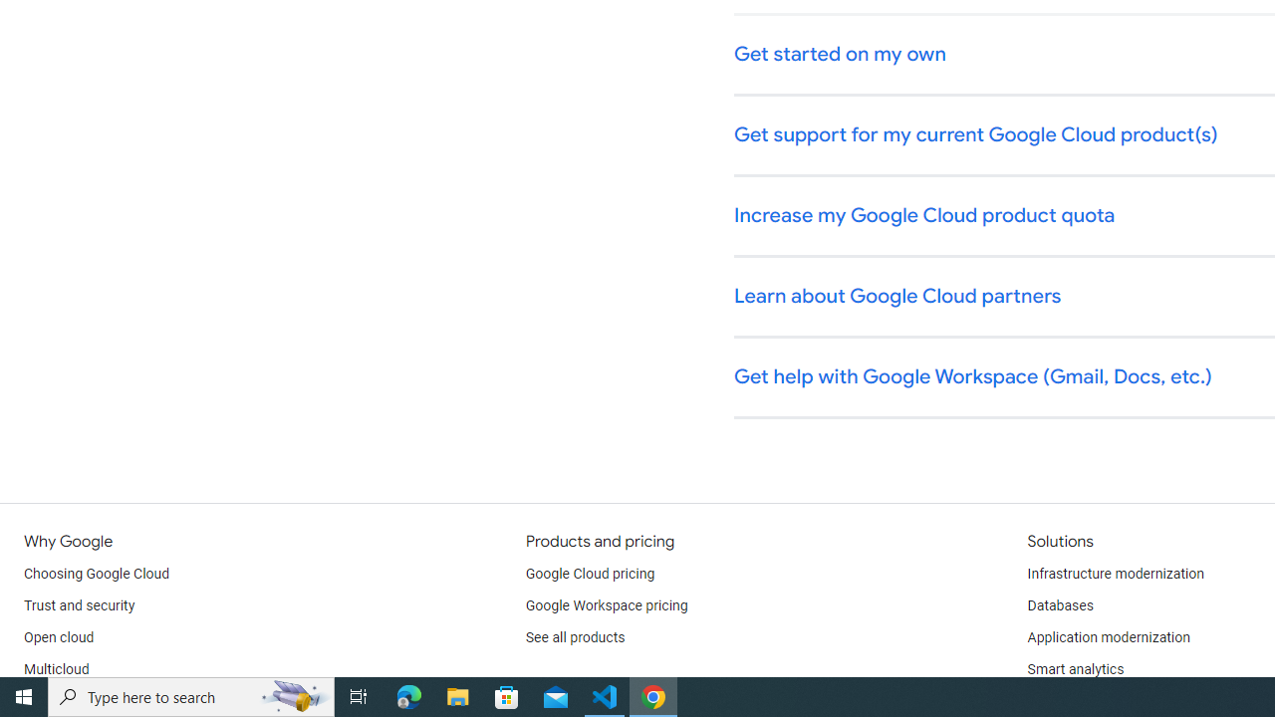 The image size is (1275, 717). I want to click on 'Application modernization', so click(1107, 637).